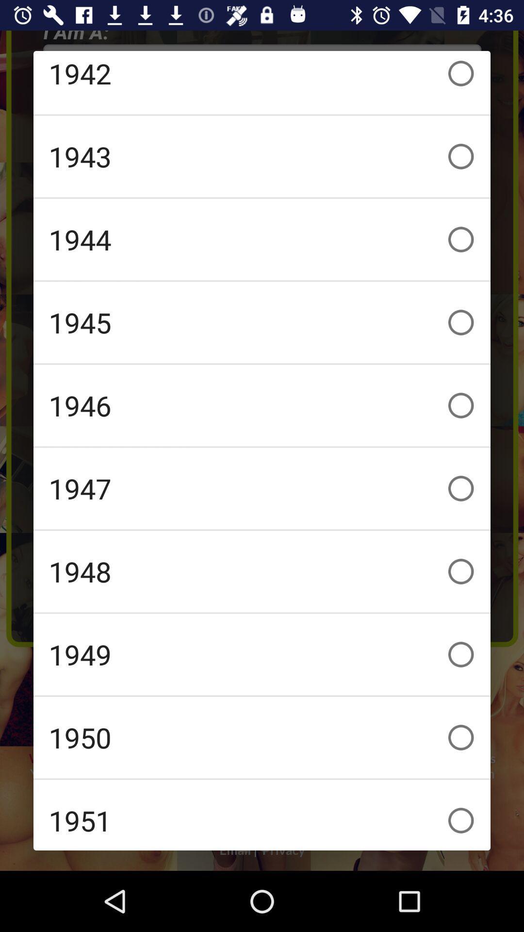  Describe the element at coordinates (262, 571) in the screenshot. I see `1948 item` at that location.